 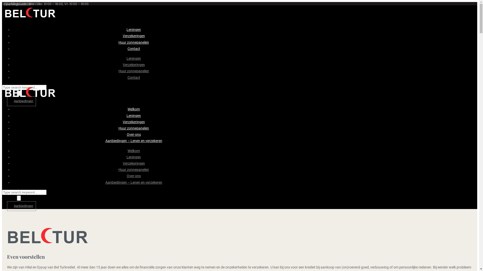 What do you see at coordinates (17, 4) in the screenshot?
I see `'+32 89 46 63 73'` at bounding box center [17, 4].